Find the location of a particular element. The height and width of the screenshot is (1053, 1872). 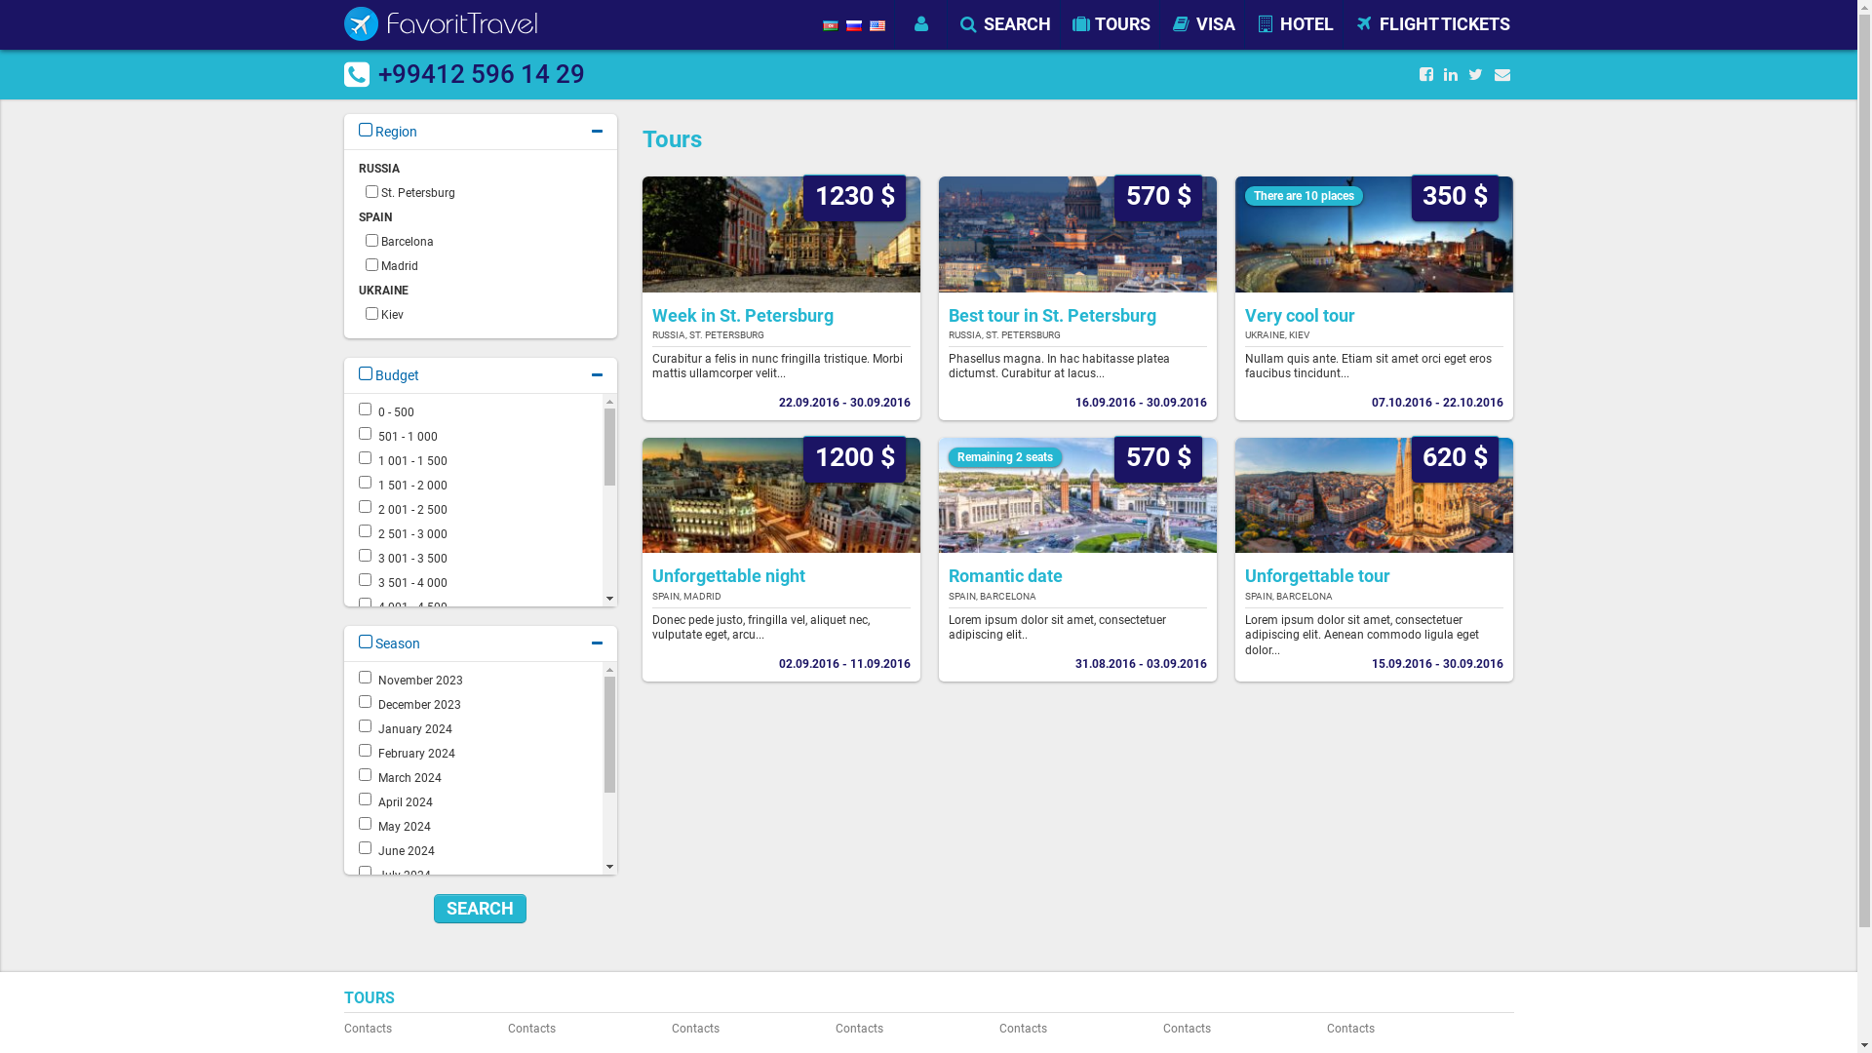

'Contacts' is located at coordinates (506, 1028).